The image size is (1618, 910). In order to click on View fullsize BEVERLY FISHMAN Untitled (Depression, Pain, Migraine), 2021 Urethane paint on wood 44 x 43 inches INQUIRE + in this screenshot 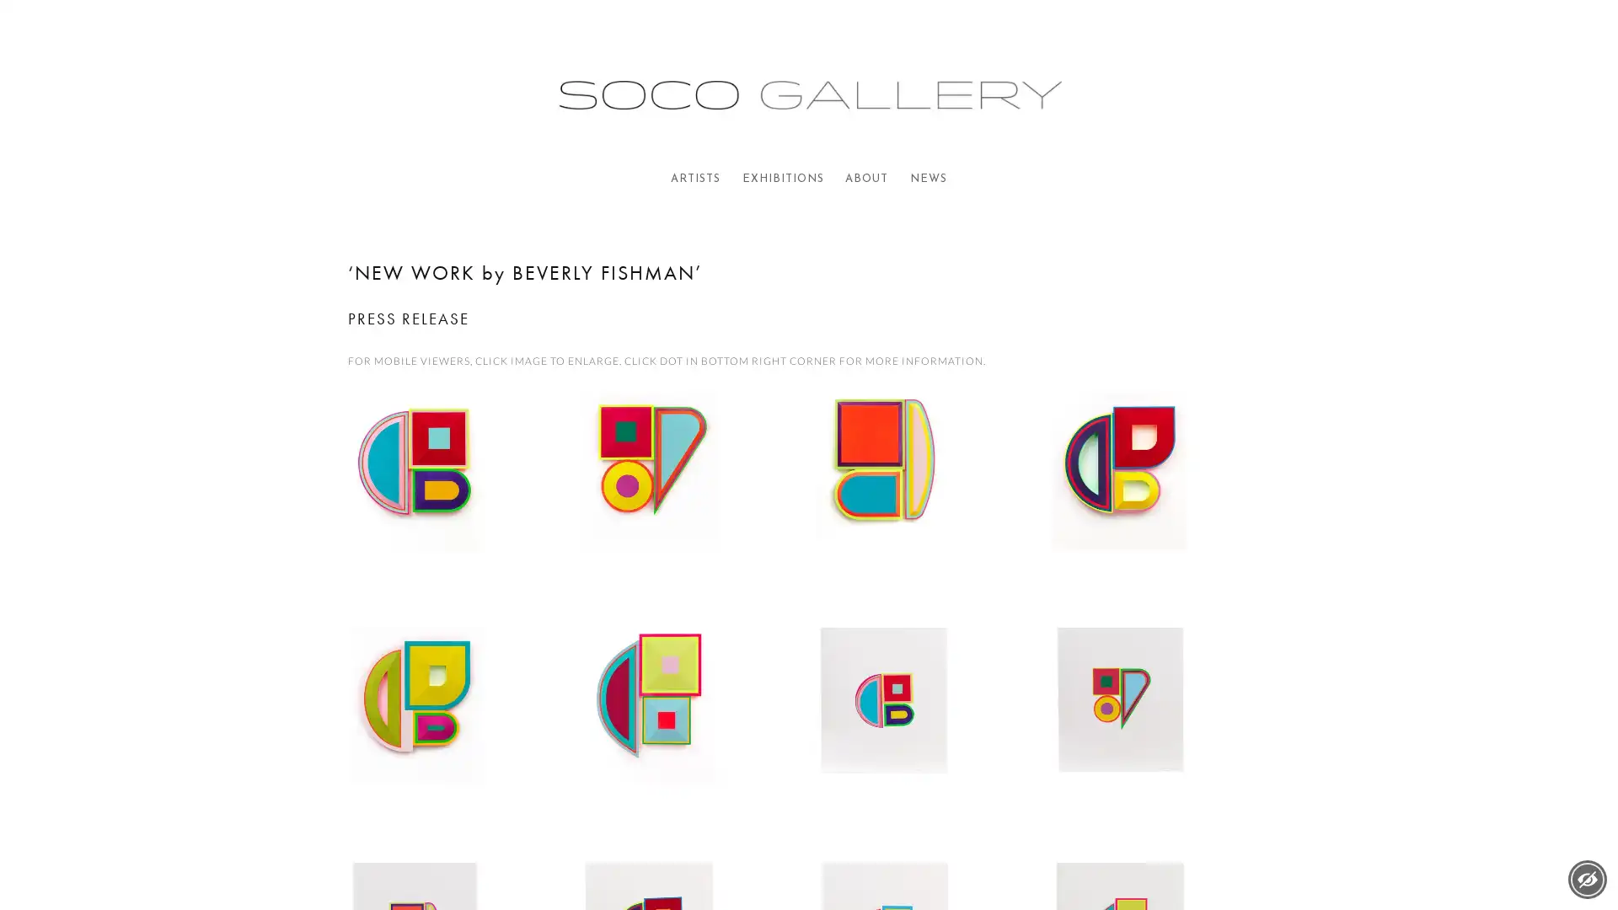, I will do `click(691, 500)`.